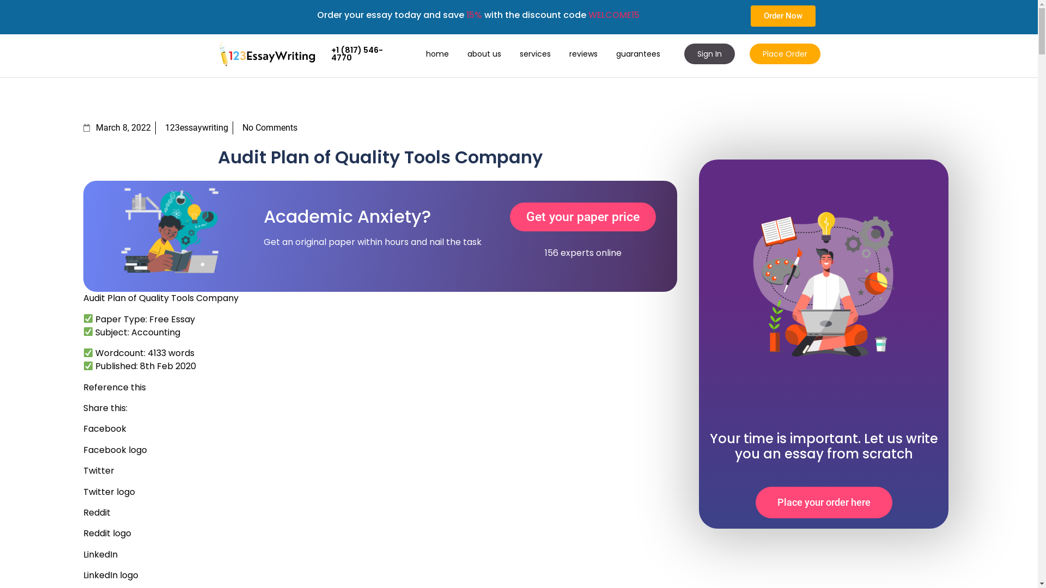 This screenshot has width=1046, height=588. I want to click on '15%', so click(474, 15).